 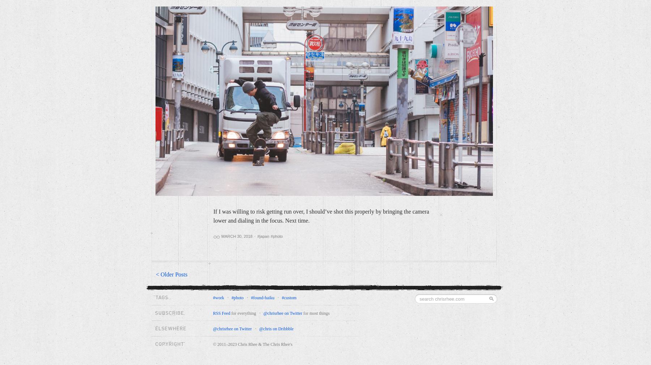 What do you see at coordinates (321, 216) in the screenshot?
I see `'If I was willing to risk getting run over, I should’ve shot this properly by bringing the camera lower and dialing in the focus. Next time.'` at bounding box center [321, 216].